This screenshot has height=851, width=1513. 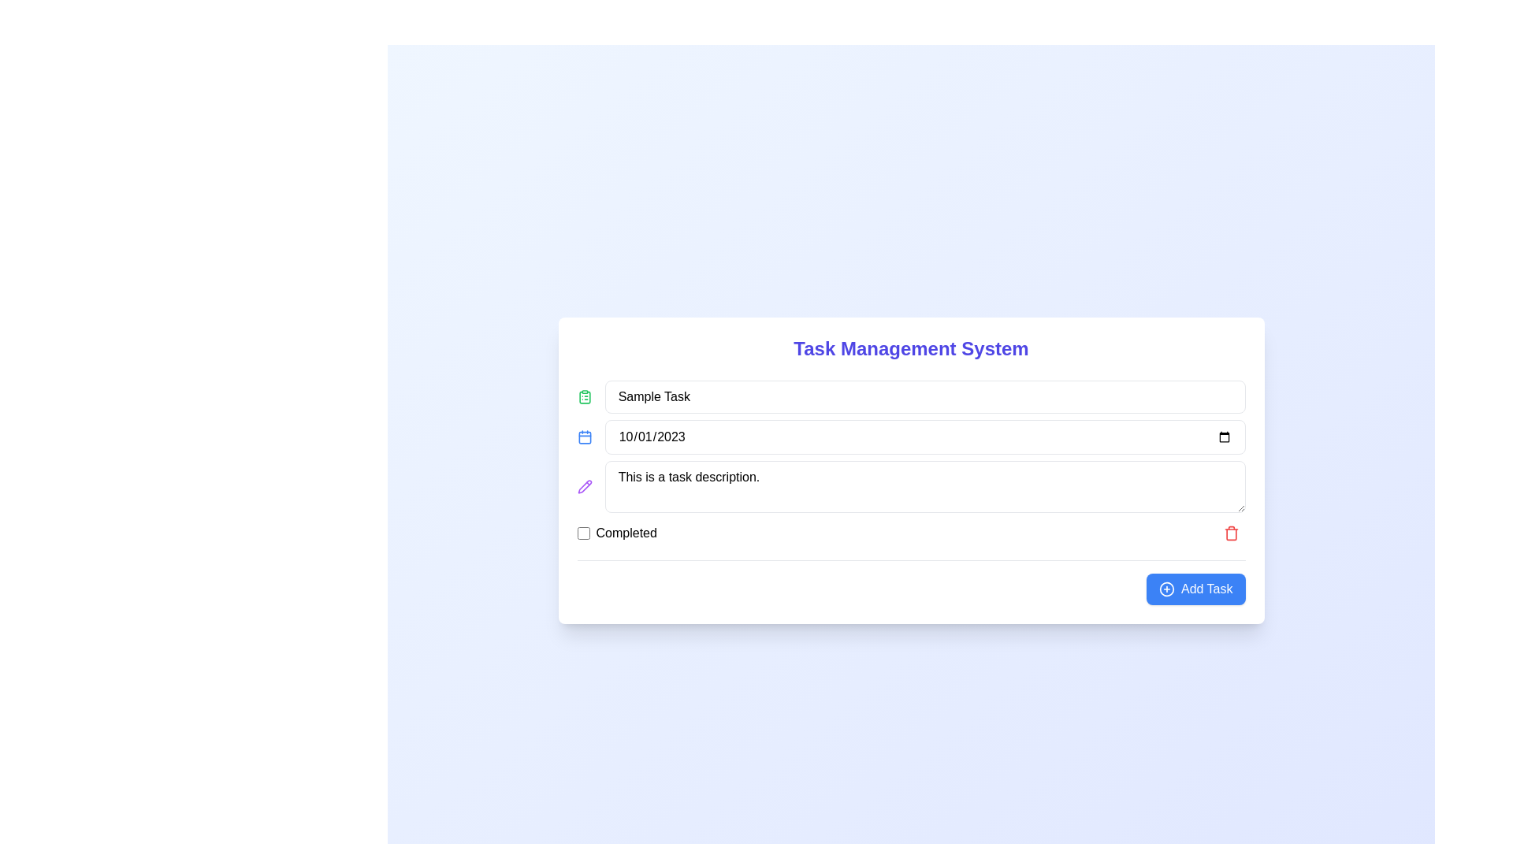 I want to click on the Date Input element located in the second row of the task details section to use the icons for additional actions, so click(x=911, y=437).